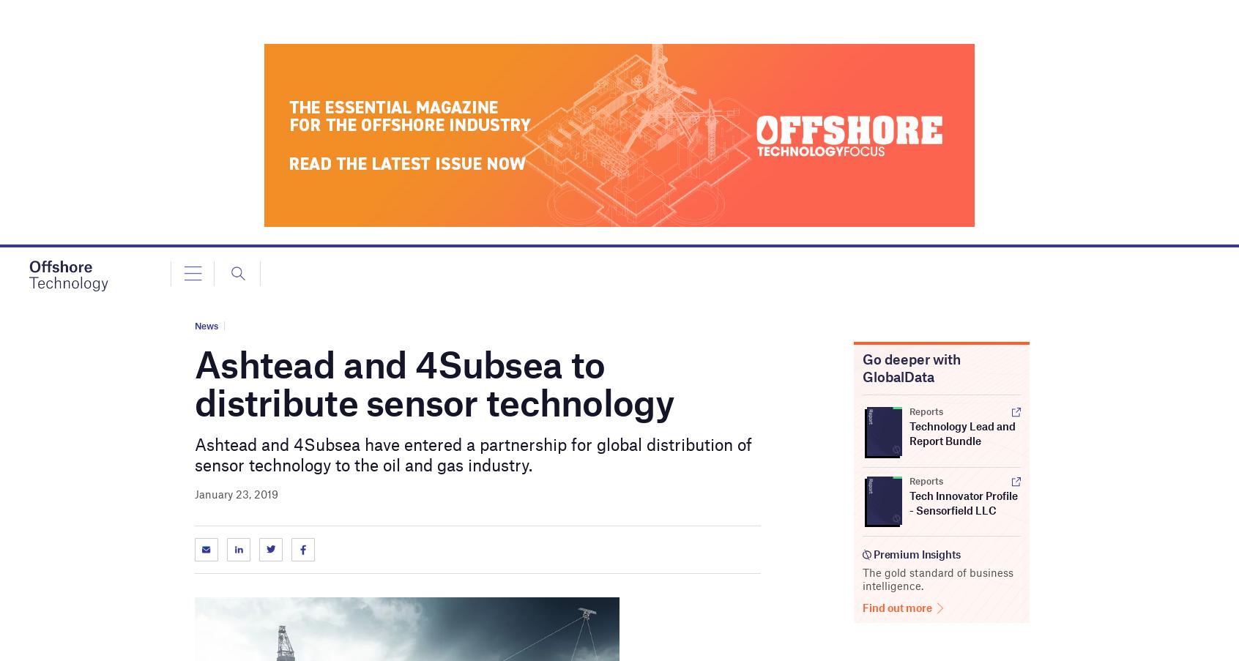 The image size is (1239, 661). Describe the element at coordinates (403, 177) in the screenshot. I see `'Russia is able to mitigate the impact of the $60 per barrel price cap'` at that location.